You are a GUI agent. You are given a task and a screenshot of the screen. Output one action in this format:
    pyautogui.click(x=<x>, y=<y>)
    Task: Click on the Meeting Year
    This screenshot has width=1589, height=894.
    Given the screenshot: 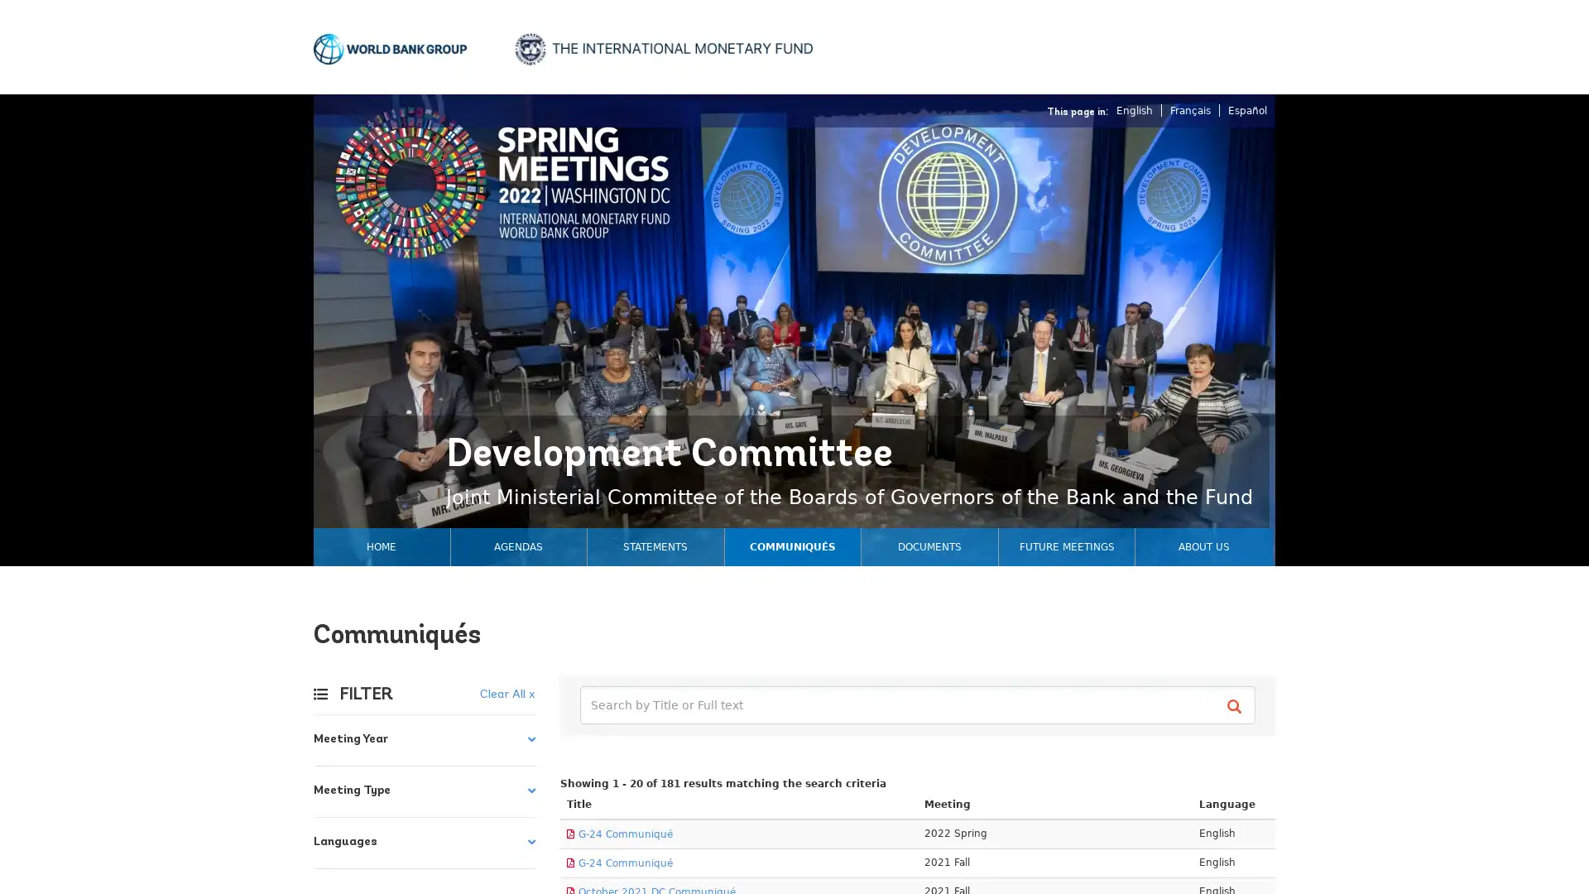 What is the action you would take?
    pyautogui.click(x=425, y=739)
    